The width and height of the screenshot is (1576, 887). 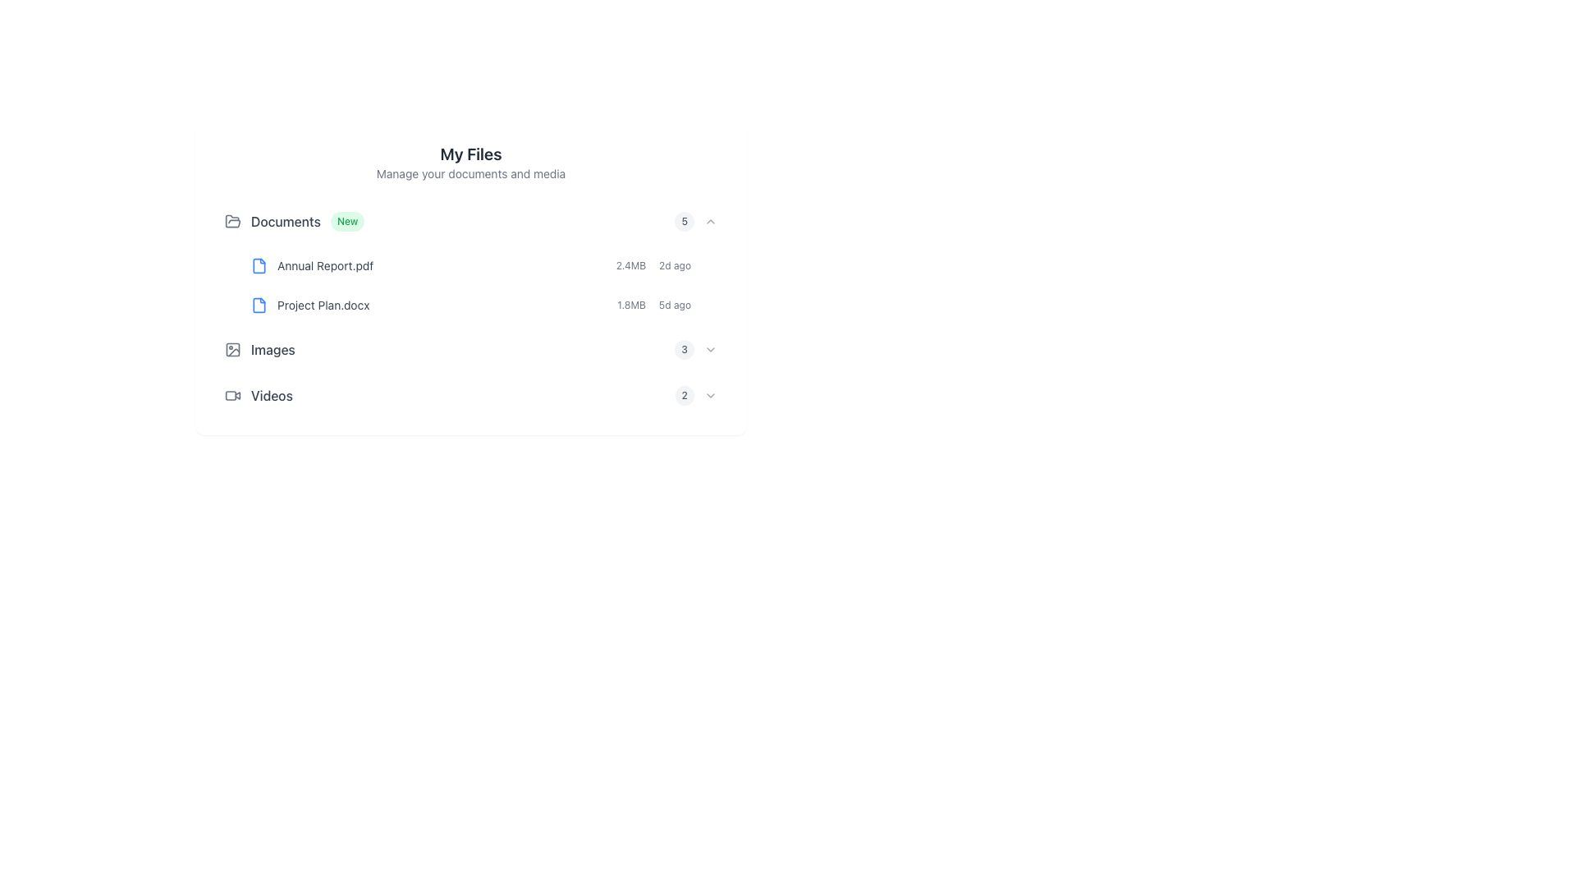 What do you see at coordinates (272, 396) in the screenshot?
I see `the text label that identifies the file category for videos, located in the bottom section of the file navigation interface under the heading 'Images'` at bounding box center [272, 396].